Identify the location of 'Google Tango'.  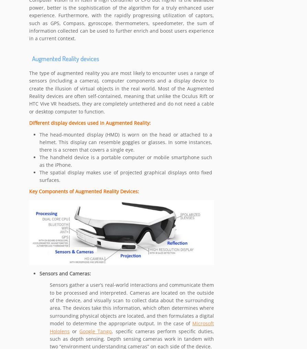
(95, 331).